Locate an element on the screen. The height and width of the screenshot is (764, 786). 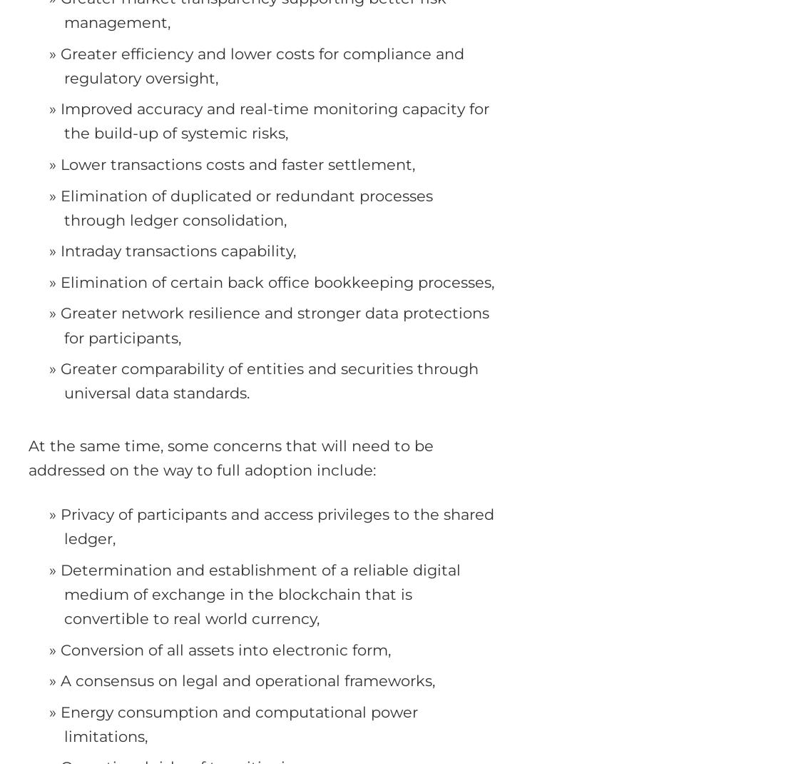
'Privacy of participants and access privileges to the shared ledger,' is located at coordinates (277, 526).